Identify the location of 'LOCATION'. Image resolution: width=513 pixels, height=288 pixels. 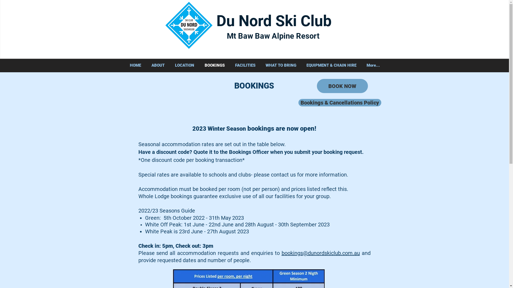
(169, 65).